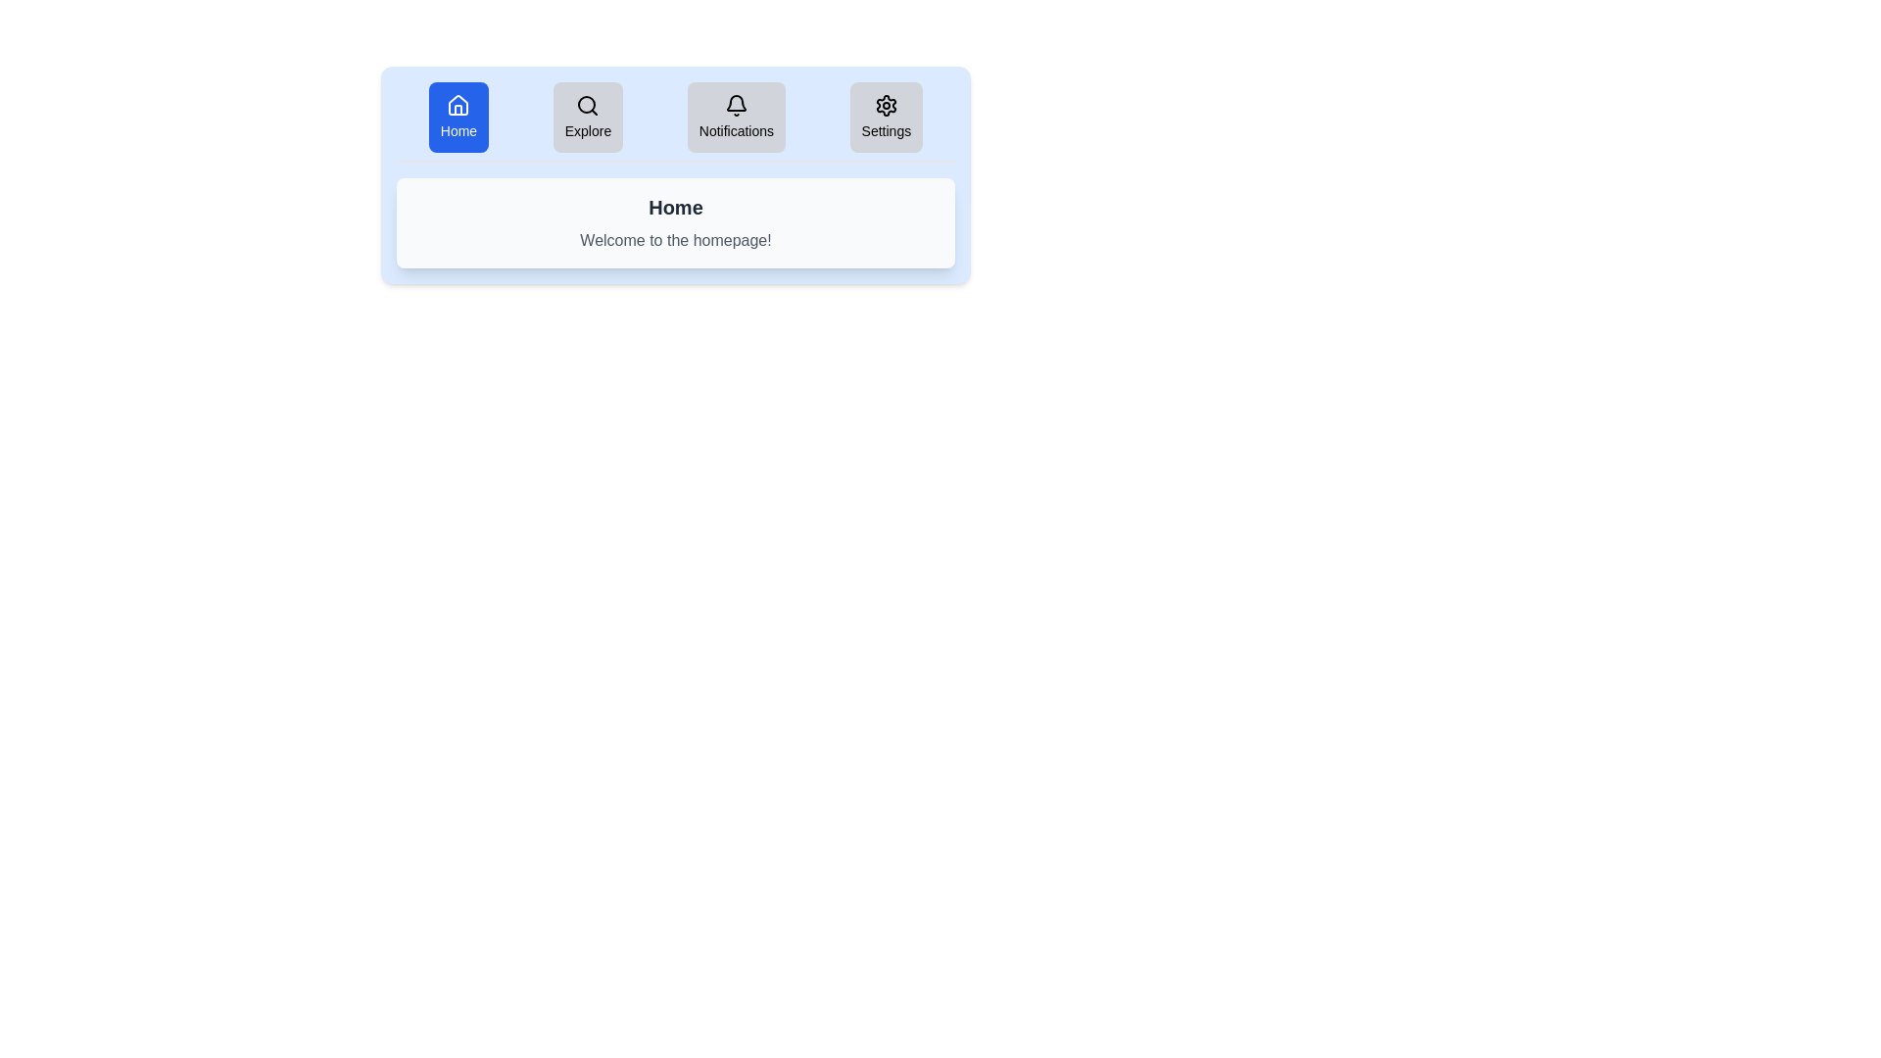 This screenshot has height=1058, width=1881. What do you see at coordinates (886, 117) in the screenshot?
I see `the tab button labeled Settings` at bounding box center [886, 117].